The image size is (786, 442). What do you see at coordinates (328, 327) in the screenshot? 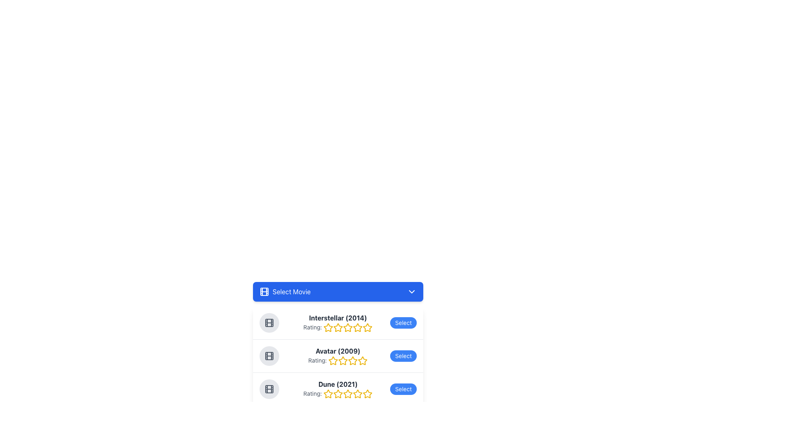
I see `the first yellow star in the rating sequence for the movie 'Interstellar (2014)'` at bounding box center [328, 327].